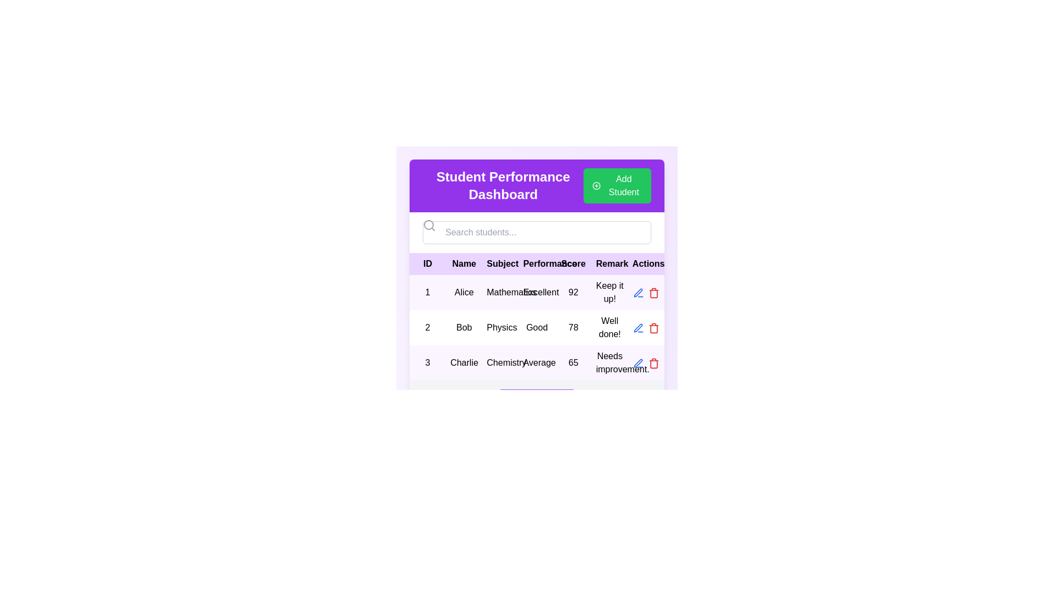 Image resolution: width=1057 pixels, height=594 pixels. I want to click on the Edit button in the Action Group located under the 'Actions' column for the student record of Alice to initiate editing, so click(646, 292).